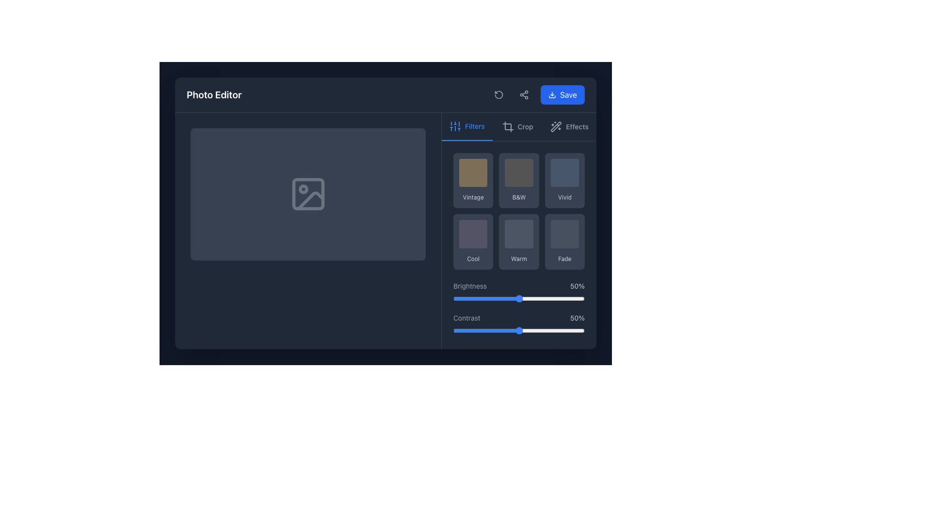  What do you see at coordinates (473, 172) in the screenshot?
I see `the 'Vintage' filter preview element located in the first row and first column of the grid layout` at bounding box center [473, 172].